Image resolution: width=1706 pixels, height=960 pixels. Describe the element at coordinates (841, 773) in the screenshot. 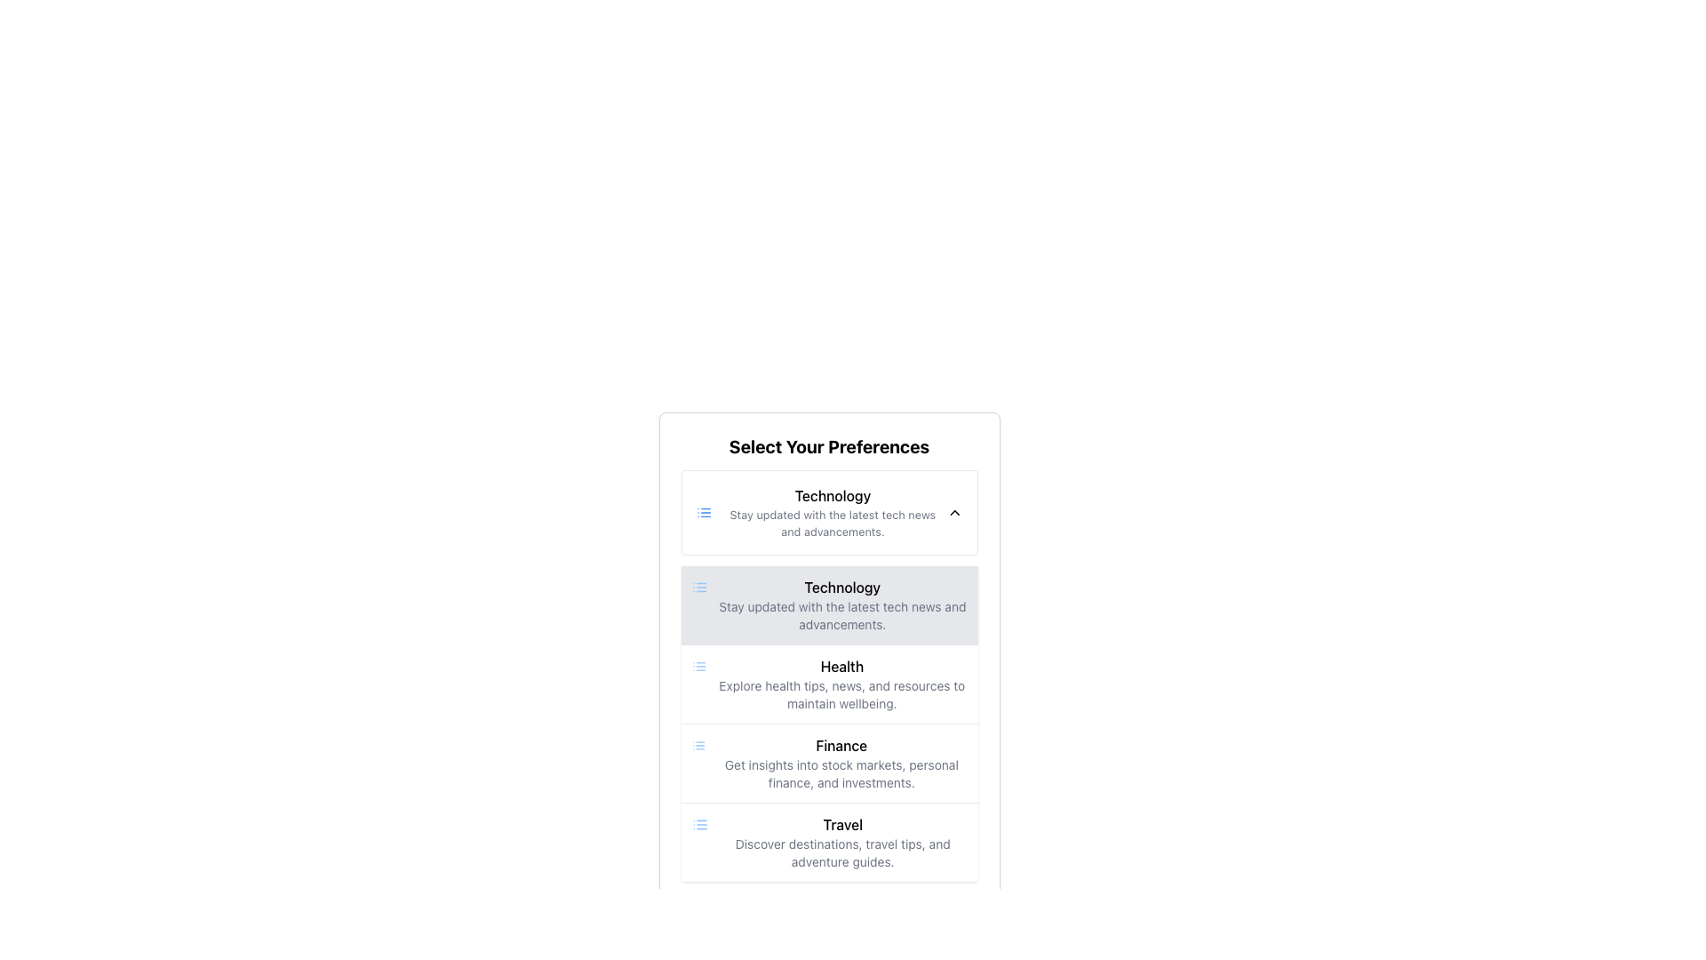

I see `the descriptive text element providing information about the 'Finance' category located under the 'Finance' heading in the preferences selection interface` at that location.